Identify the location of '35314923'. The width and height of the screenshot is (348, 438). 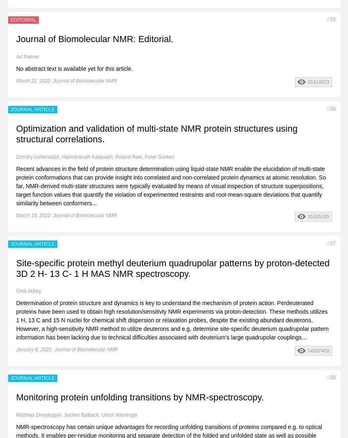
(318, 81).